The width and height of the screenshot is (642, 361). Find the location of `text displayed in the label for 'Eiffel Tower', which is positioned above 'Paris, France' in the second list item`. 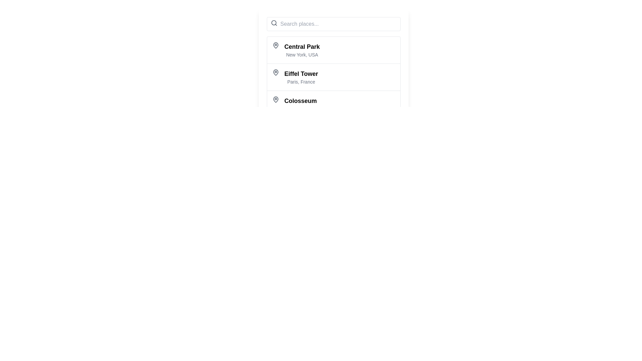

text displayed in the label for 'Eiffel Tower', which is positioned above 'Paris, France' in the second list item is located at coordinates (301, 74).